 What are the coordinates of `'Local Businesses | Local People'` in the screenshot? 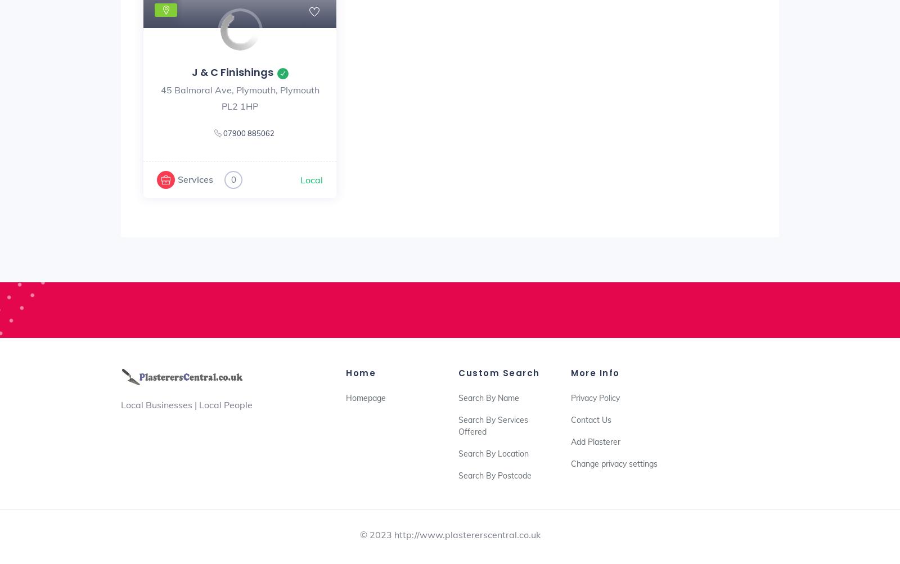 It's located at (187, 404).